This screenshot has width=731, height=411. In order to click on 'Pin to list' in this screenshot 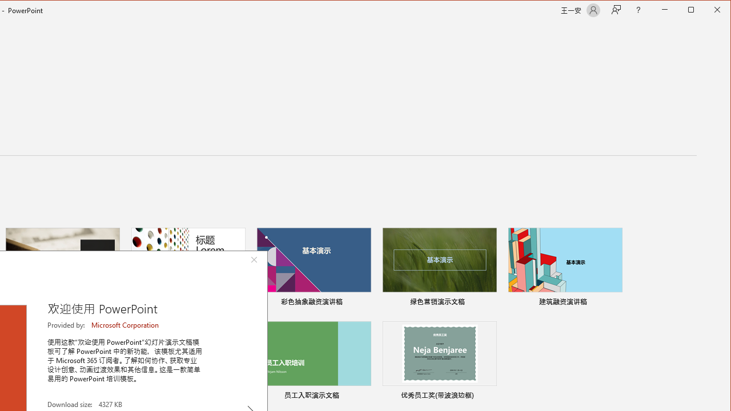, I will do `click(489, 396)`.